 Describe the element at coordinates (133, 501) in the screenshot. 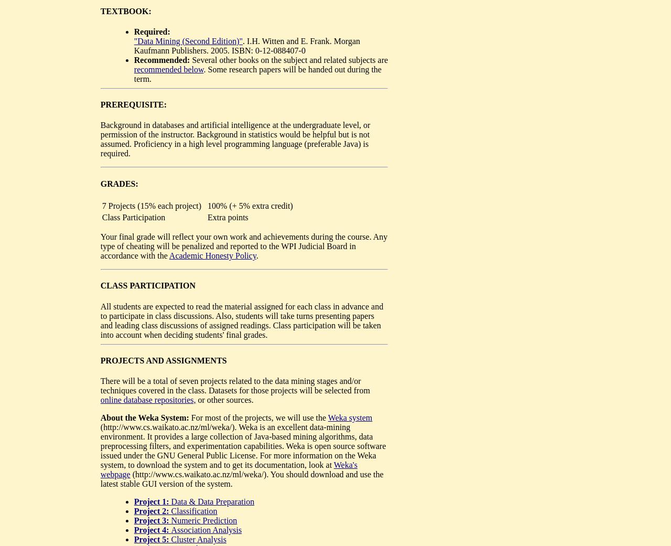

I see `'Project 1:'` at that location.